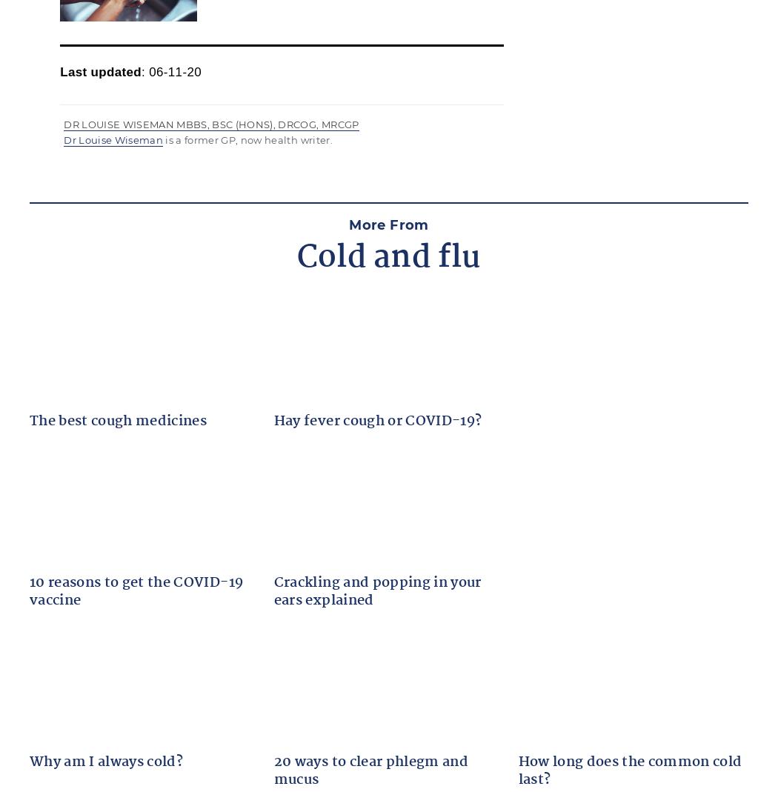 Image resolution: width=778 pixels, height=792 pixels. What do you see at coordinates (376, 420) in the screenshot?
I see `'Hay fever cough or COVID-19?'` at bounding box center [376, 420].